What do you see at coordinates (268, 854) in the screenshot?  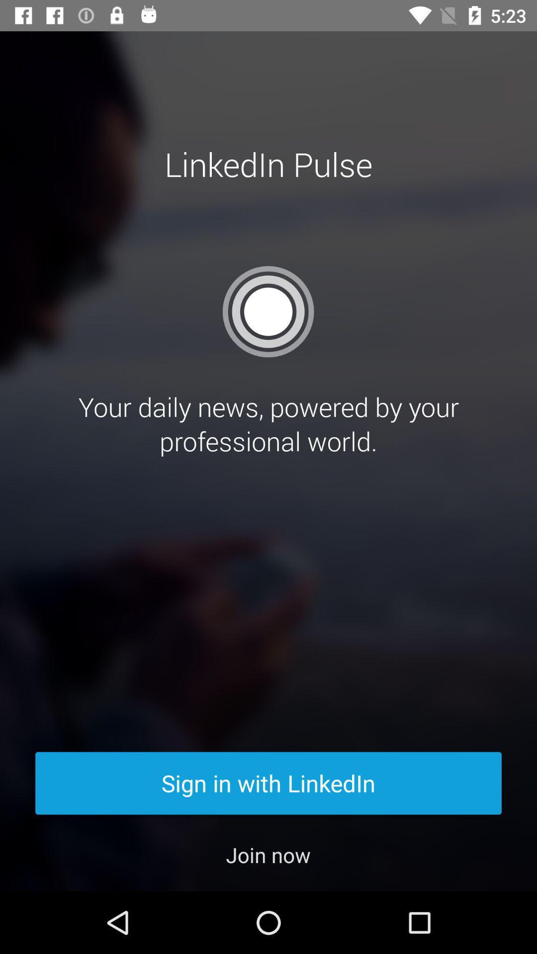 I see `item below the sign in with icon` at bounding box center [268, 854].